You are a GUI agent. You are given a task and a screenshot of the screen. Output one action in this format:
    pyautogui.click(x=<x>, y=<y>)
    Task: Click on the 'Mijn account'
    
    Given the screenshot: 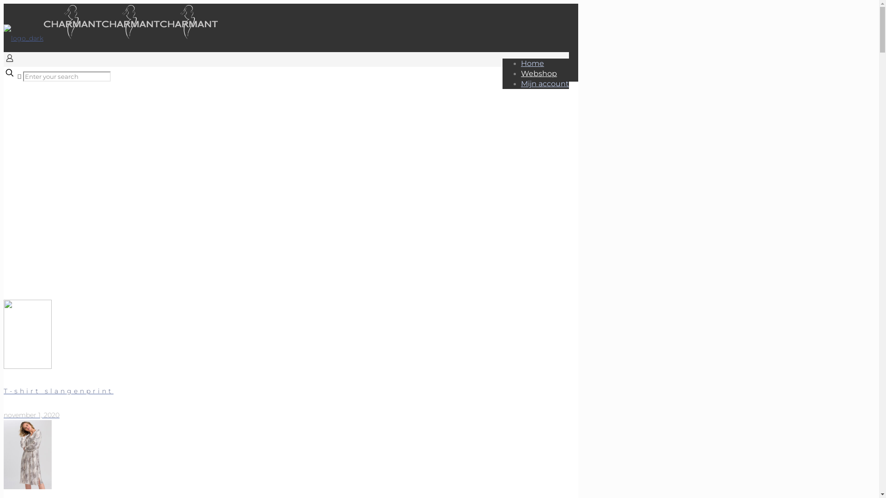 What is the action you would take?
    pyautogui.click(x=545, y=83)
    